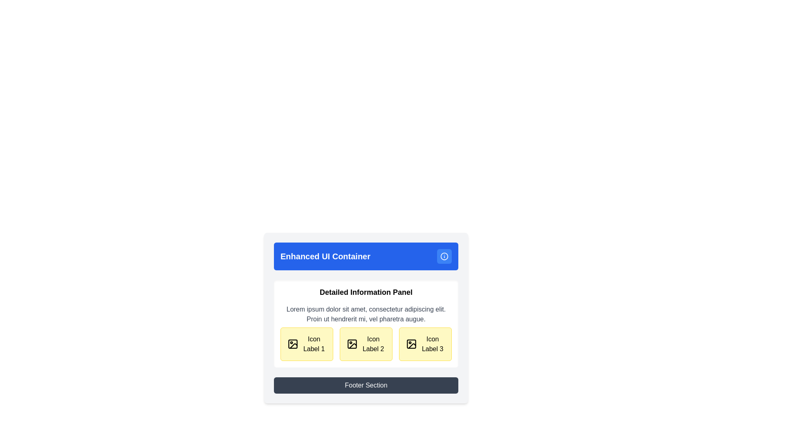  What do you see at coordinates (366, 385) in the screenshot?
I see `the text label displaying 'Footer Section' with a dark gray background to read its label` at bounding box center [366, 385].